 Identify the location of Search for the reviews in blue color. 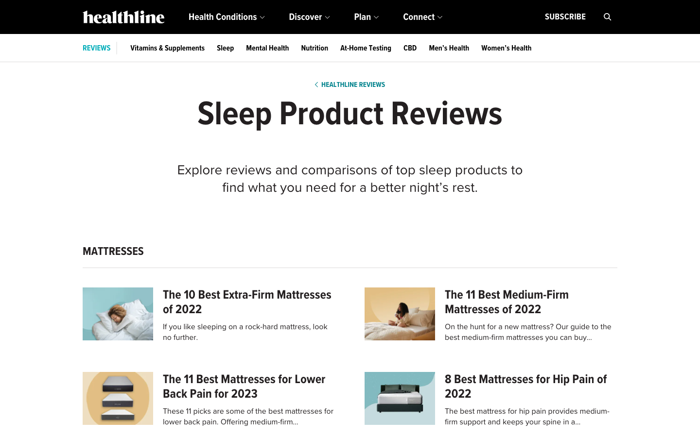
(96, 48).